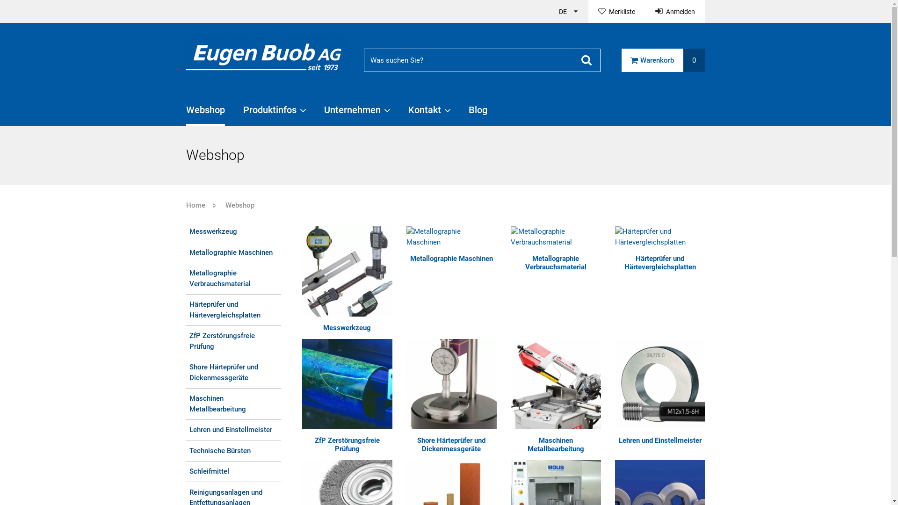 The width and height of the screenshot is (898, 505). I want to click on 'Anmelden', so click(645, 11).